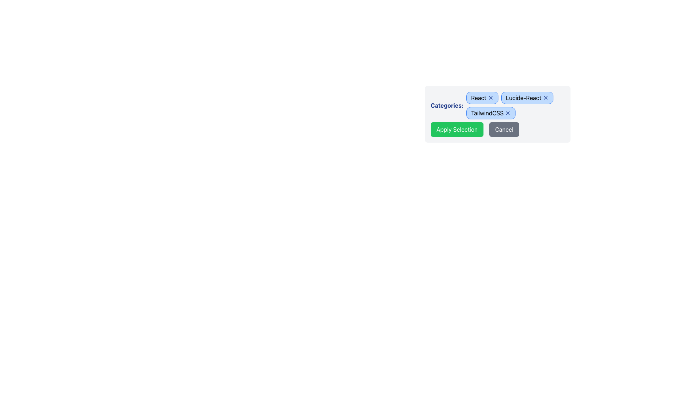  Describe the element at coordinates (545, 98) in the screenshot. I see `the blue 'X' icon button within the 'Categories:' section` at that location.